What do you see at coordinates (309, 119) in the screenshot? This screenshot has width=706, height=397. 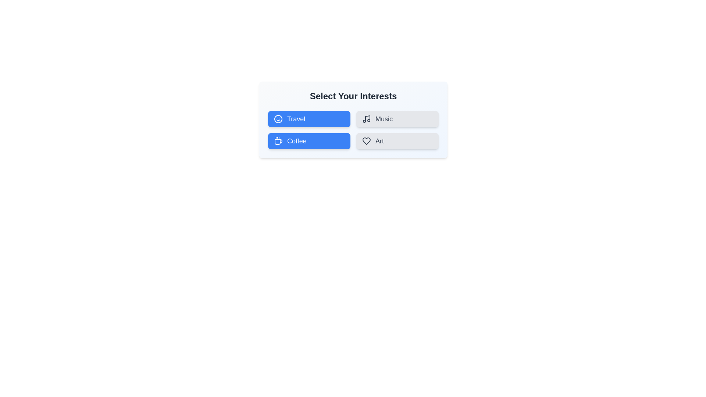 I see `the interest Travel by clicking its button` at bounding box center [309, 119].